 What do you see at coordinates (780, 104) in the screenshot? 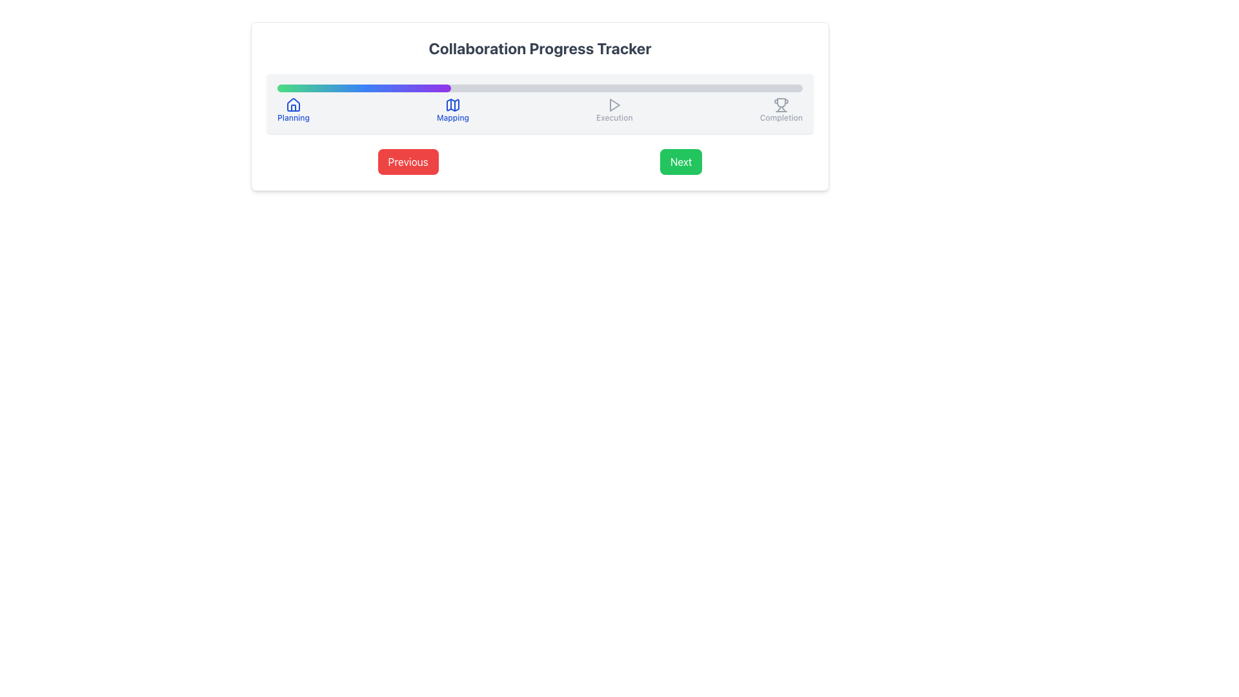
I see `the 'Completion' milestone indicator icon located at the far right of the progression bar interface, next to the descriptive text 'Completion'` at bounding box center [780, 104].